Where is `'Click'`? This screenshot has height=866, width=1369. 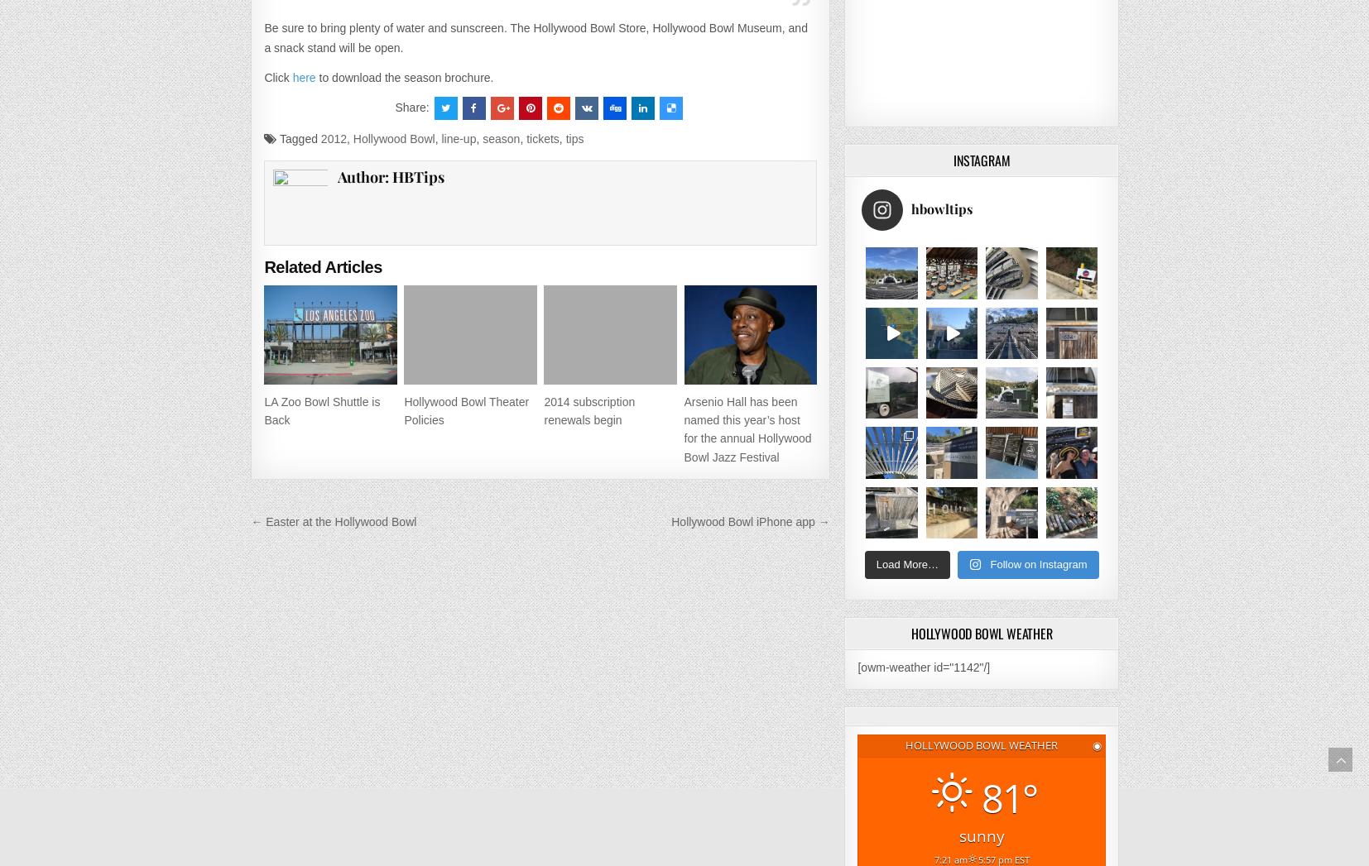
'Click' is located at coordinates (263, 76).